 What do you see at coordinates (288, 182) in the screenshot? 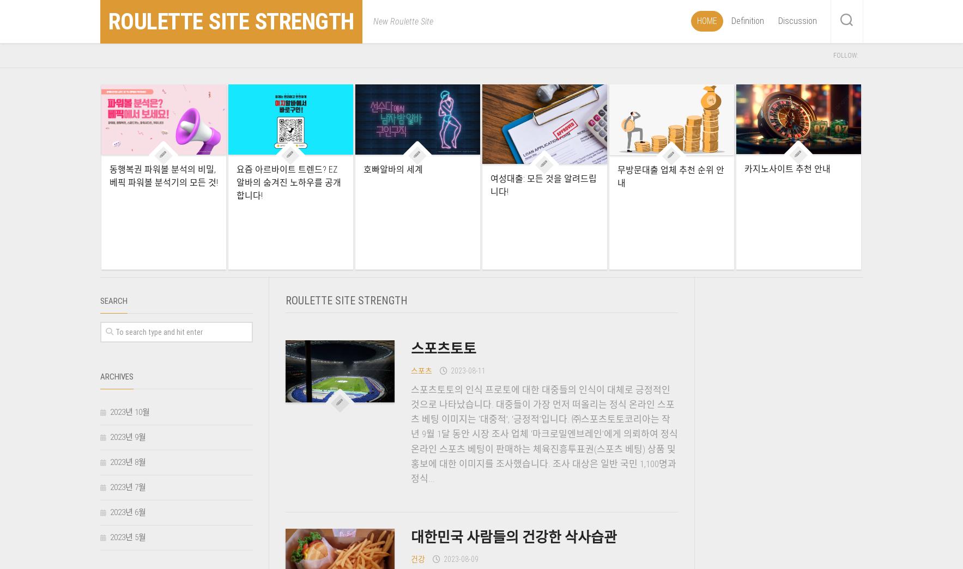
I see `'요즘 아르바이트 트렌드? EZ알바의 숨겨진 노하우를 공개합니다!'` at bounding box center [288, 182].